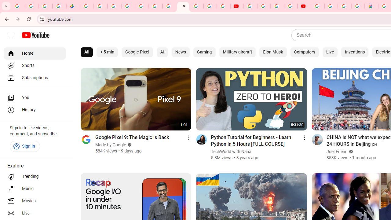 This screenshot has height=220, width=391. What do you see at coordinates (204, 52) in the screenshot?
I see `'Gaming'` at bounding box center [204, 52].